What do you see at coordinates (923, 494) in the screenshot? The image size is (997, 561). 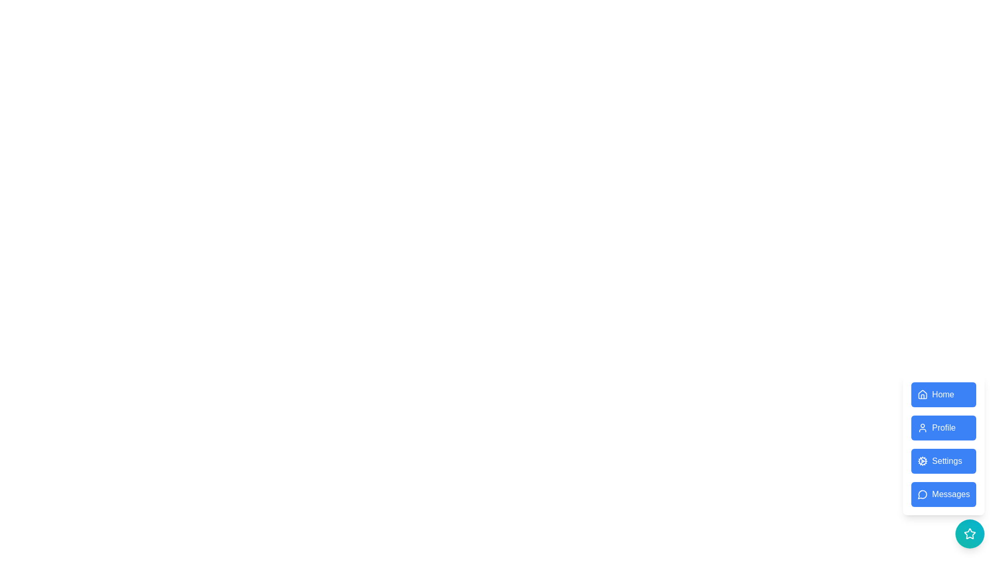 I see `the icon located to the left of the 'Messages' text content within the 'Messages' button` at bounding box center [923, 494].